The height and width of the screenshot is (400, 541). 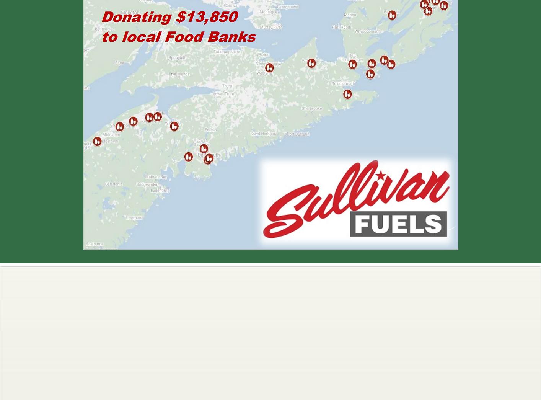 What do you see at coordinates (419, 291) in the screenshot?
I see `'Lower Sackville, NS'` at bounding box center [419, 291].